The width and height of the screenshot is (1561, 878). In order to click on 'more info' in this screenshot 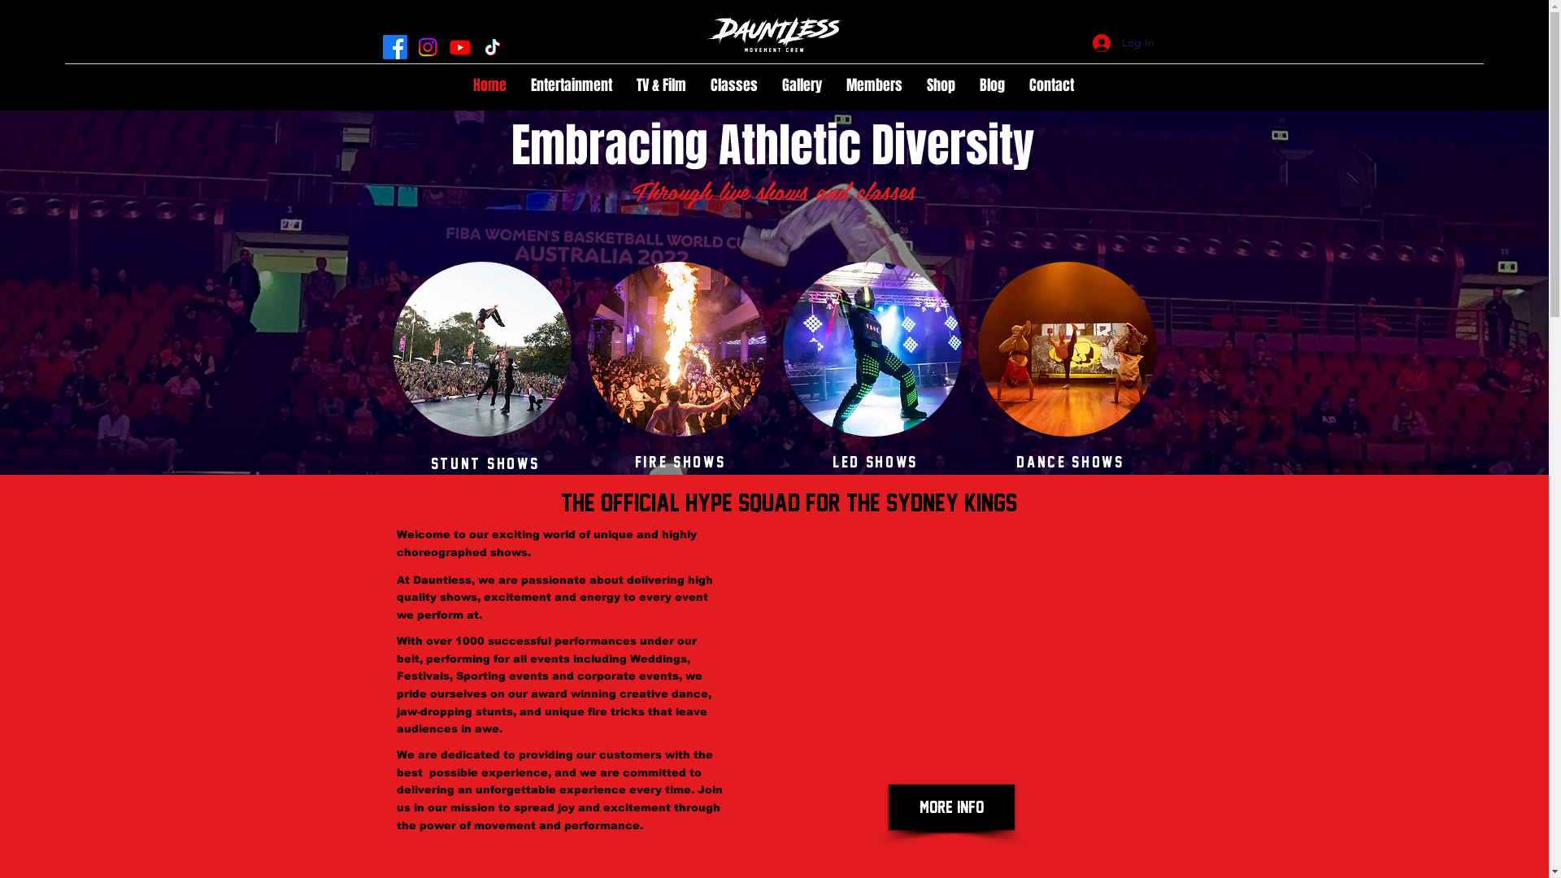, I will do `click(886, 806)`.